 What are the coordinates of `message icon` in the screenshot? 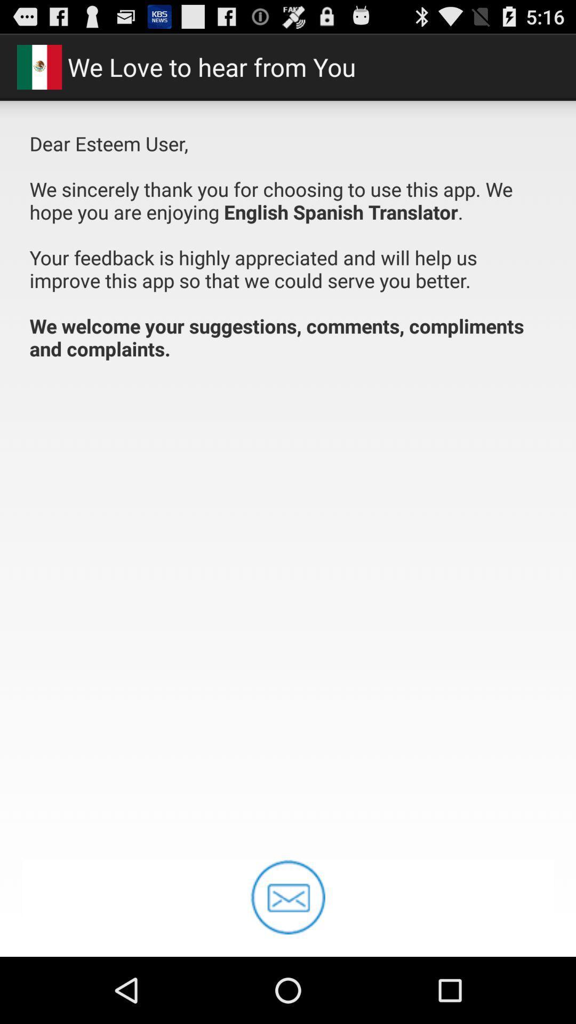 It's located at (288, 897).